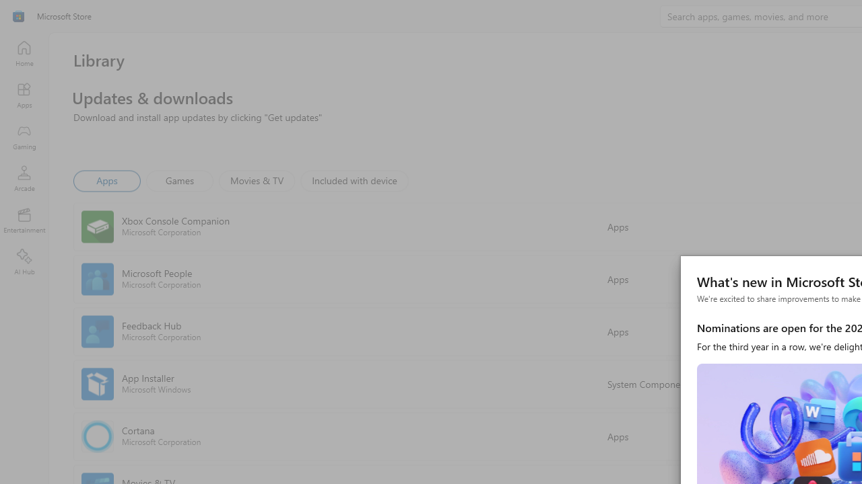  What do you see at coordinates (24, 262) in the screenshot?
I see `'AI Hub'` at bounding box center [24, 262].